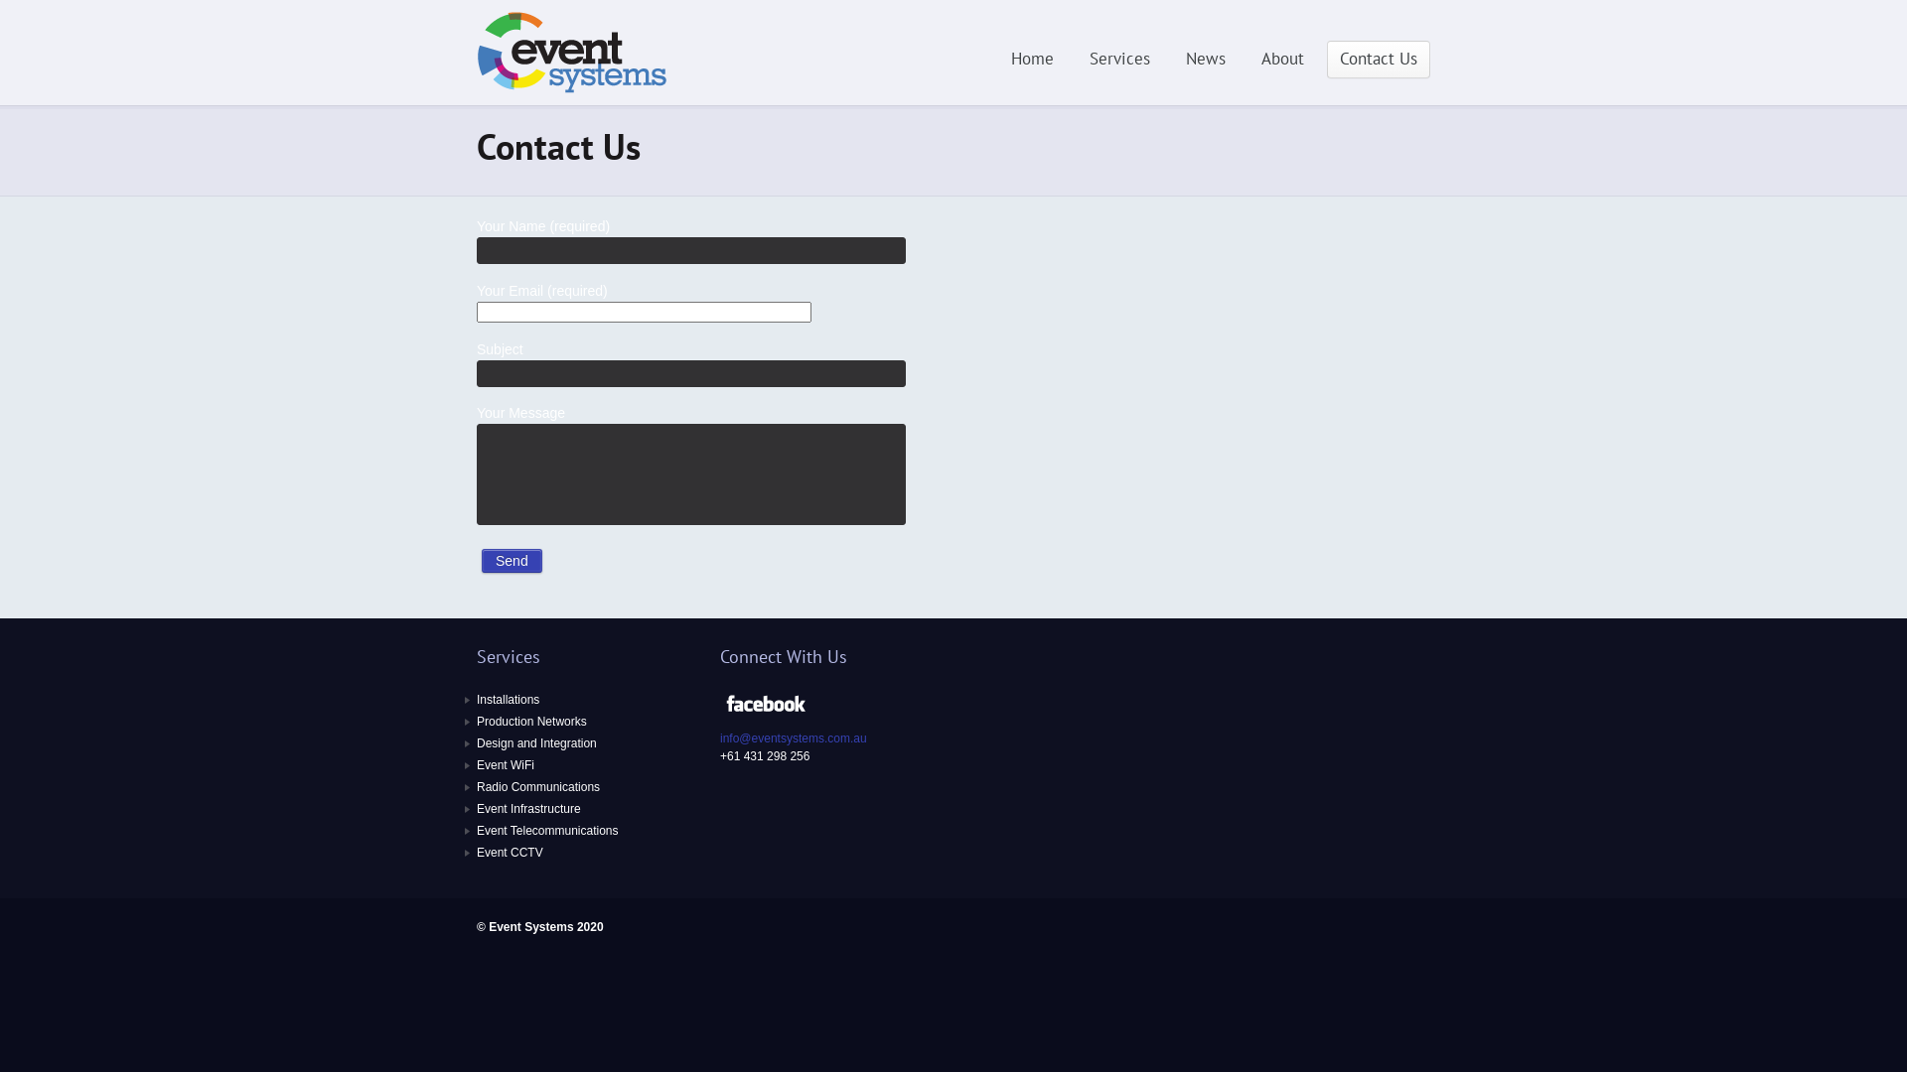  Describe the element at coordinates (1205, 59) in the screenshot. I see `'News'` at that location.